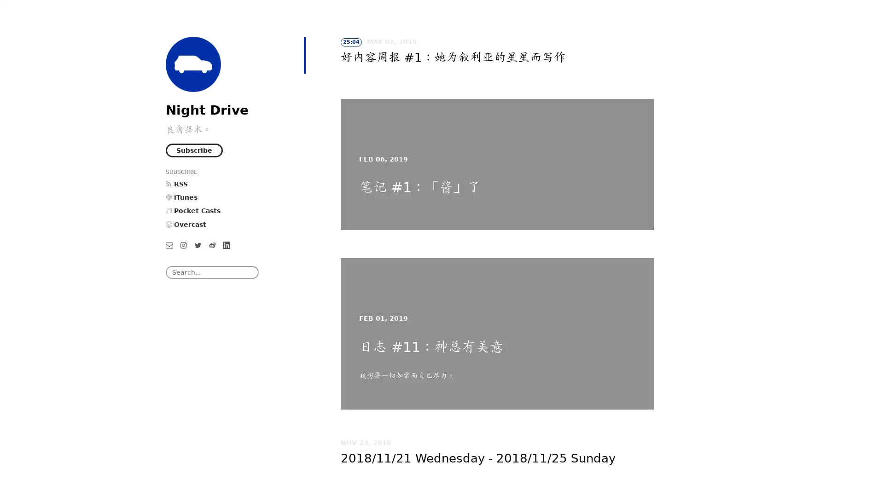  Describe the element at coordinates (194, 150) in the screenshot. I see `Subscribe` at that location.